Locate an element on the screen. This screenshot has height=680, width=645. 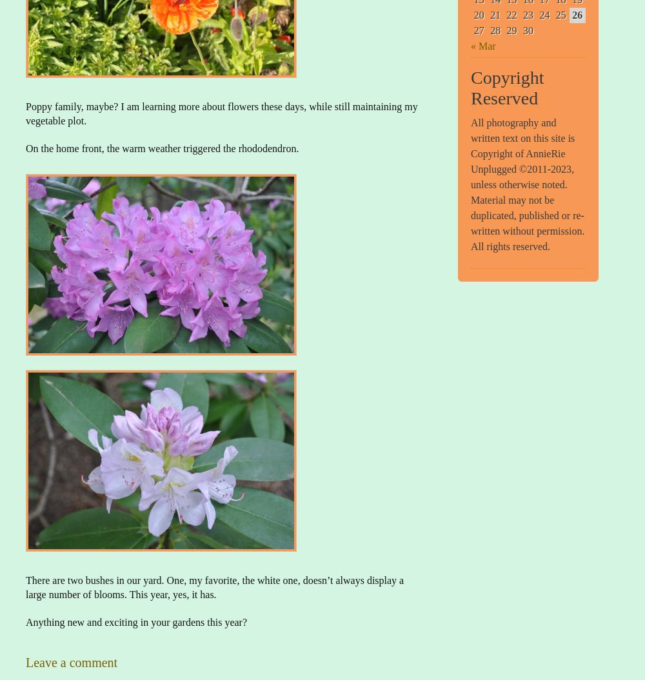
'25' is located at coordinates (555, 14).